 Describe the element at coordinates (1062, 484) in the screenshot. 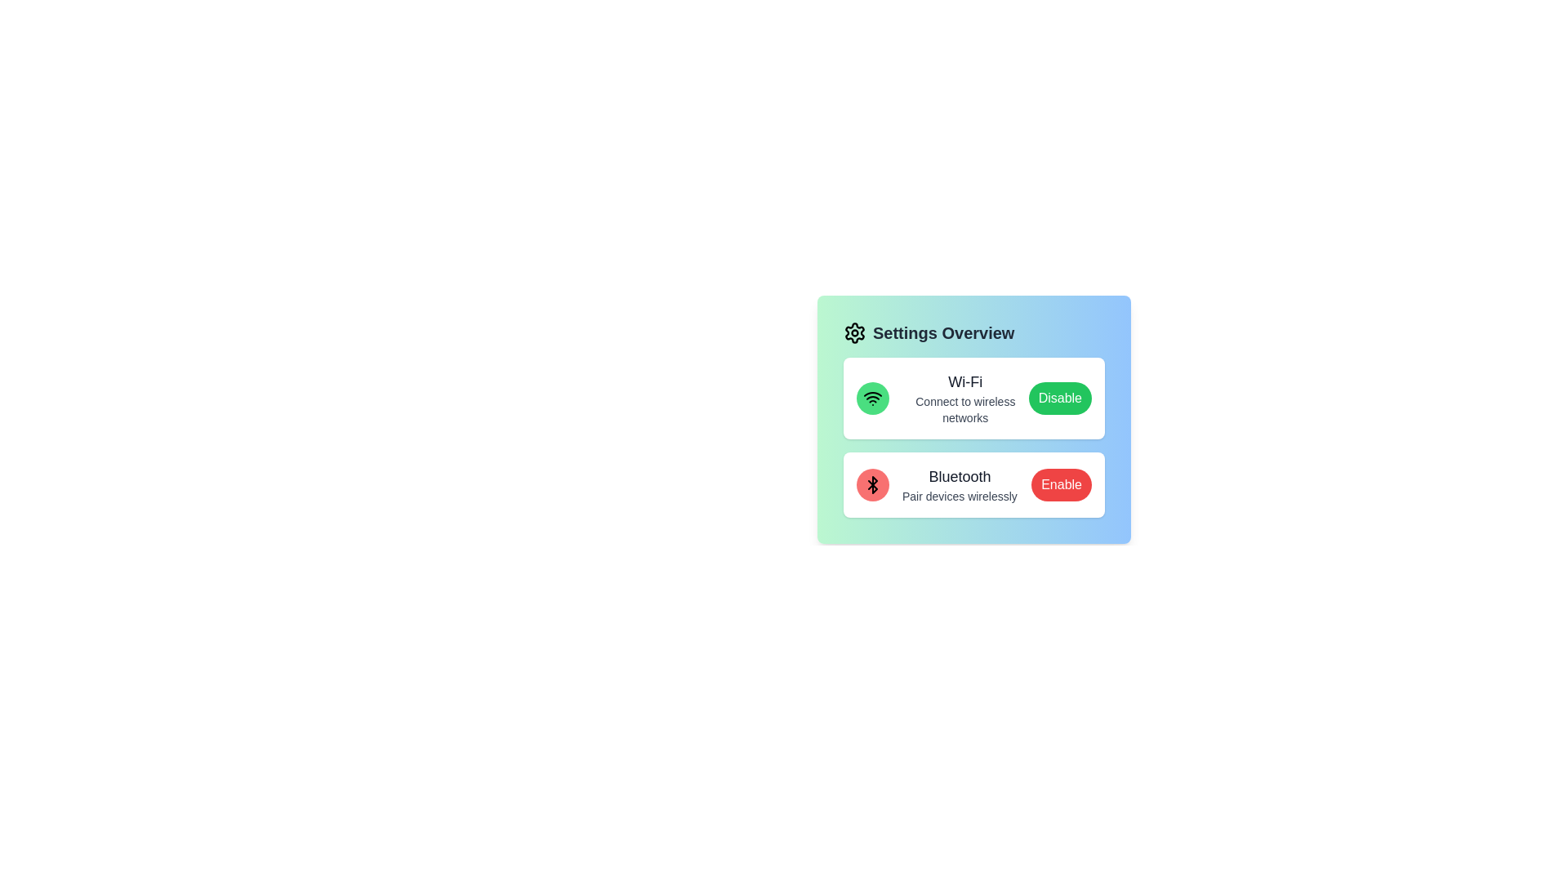

I see `the 'Enable' button to toggle the Bluetooth state` at that location.